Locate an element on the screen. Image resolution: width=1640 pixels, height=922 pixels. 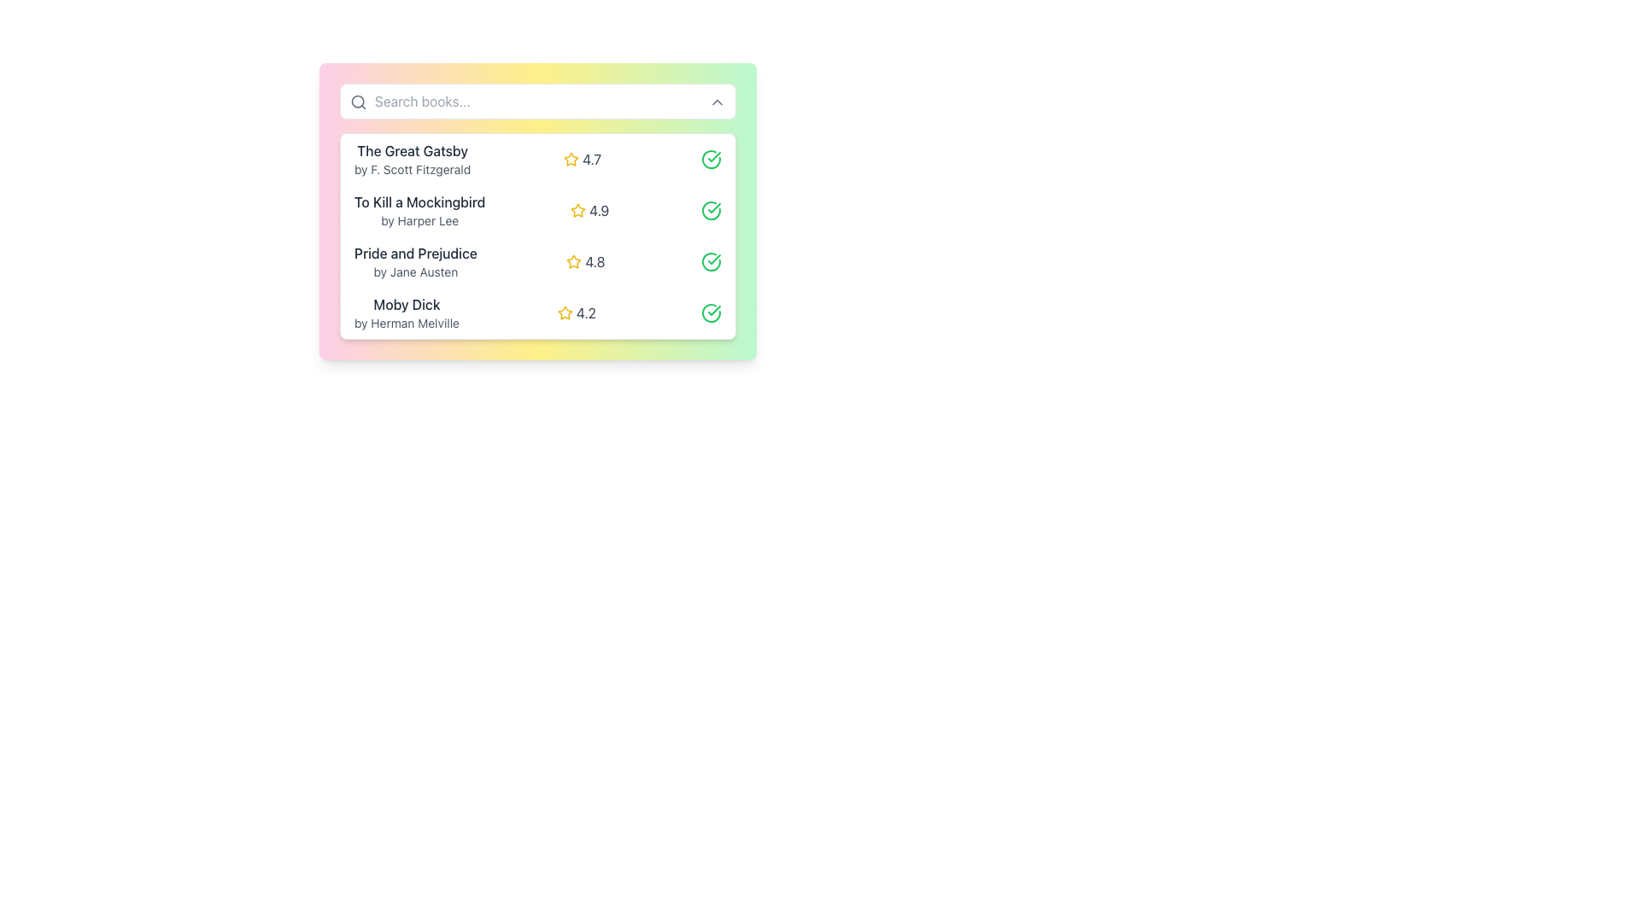
the yellow star icon and numerical rating ('4.9') in the rating display component located in the second row, to the right of 'To Kill a Mockingbird by Harper Lee' is located at coordinates (589, 209).